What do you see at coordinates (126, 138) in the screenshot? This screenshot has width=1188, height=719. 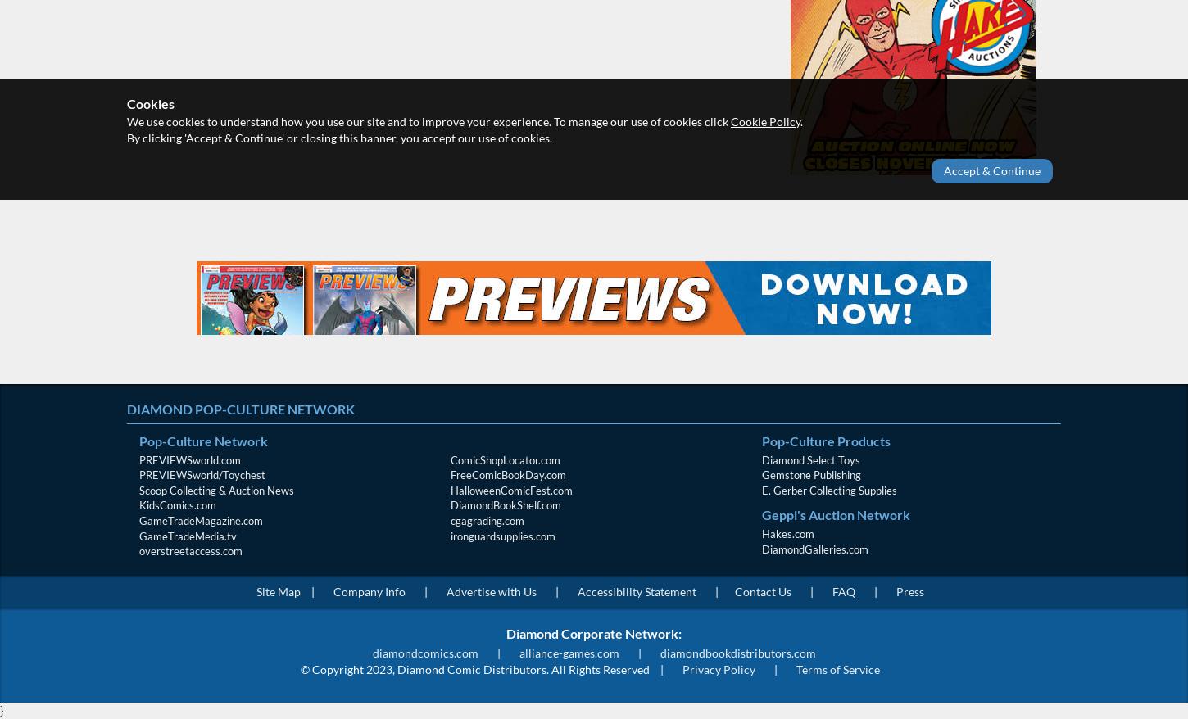 I see `'By clicking 'Accept & Continue' or closing this banner, you accept our use of cookies.'` at bounding box center [126, 138].